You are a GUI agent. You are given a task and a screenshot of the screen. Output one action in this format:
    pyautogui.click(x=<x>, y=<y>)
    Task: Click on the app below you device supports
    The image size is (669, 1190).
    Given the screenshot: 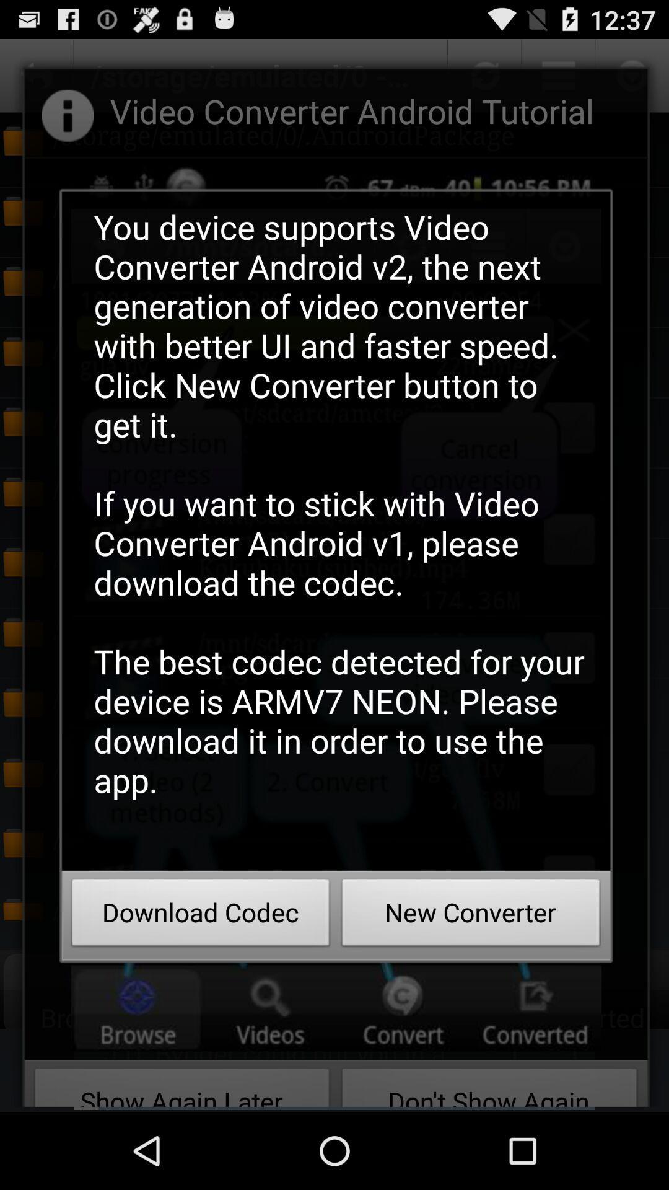 What is the action you would take?
    pyautogui.click(x=200, y=916)
    